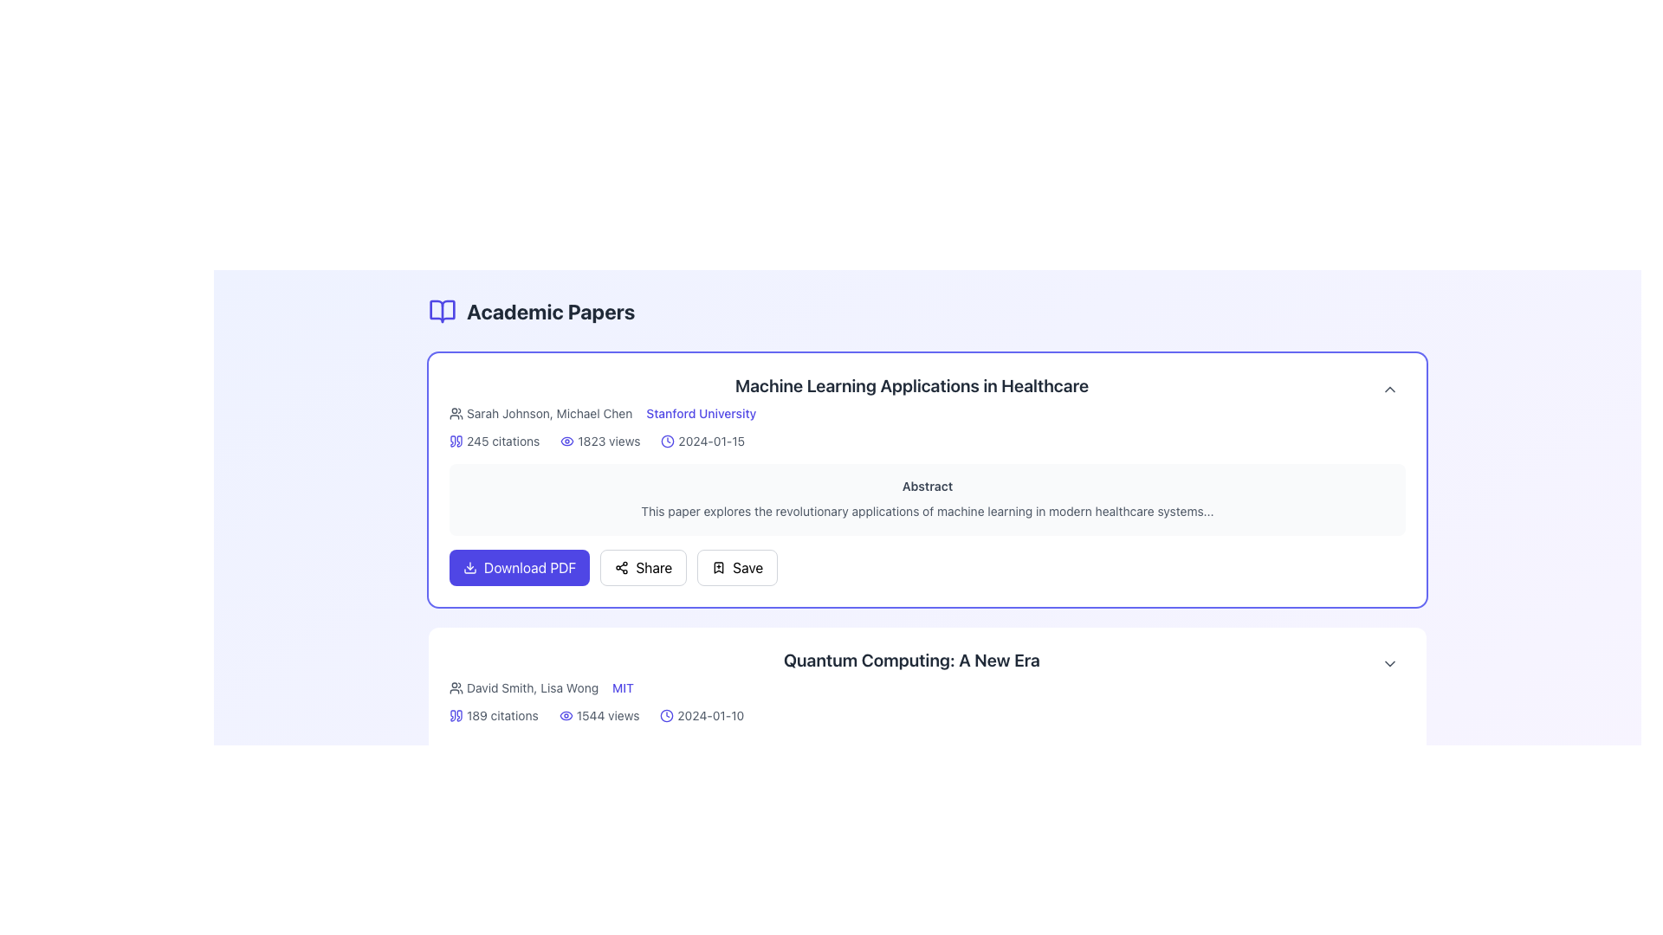 The image size is (1663, 935). I want to click on and interpret the open book icon, which is vibrant indigo and located next to the 'Academic Papers' header, so click(442, 310).